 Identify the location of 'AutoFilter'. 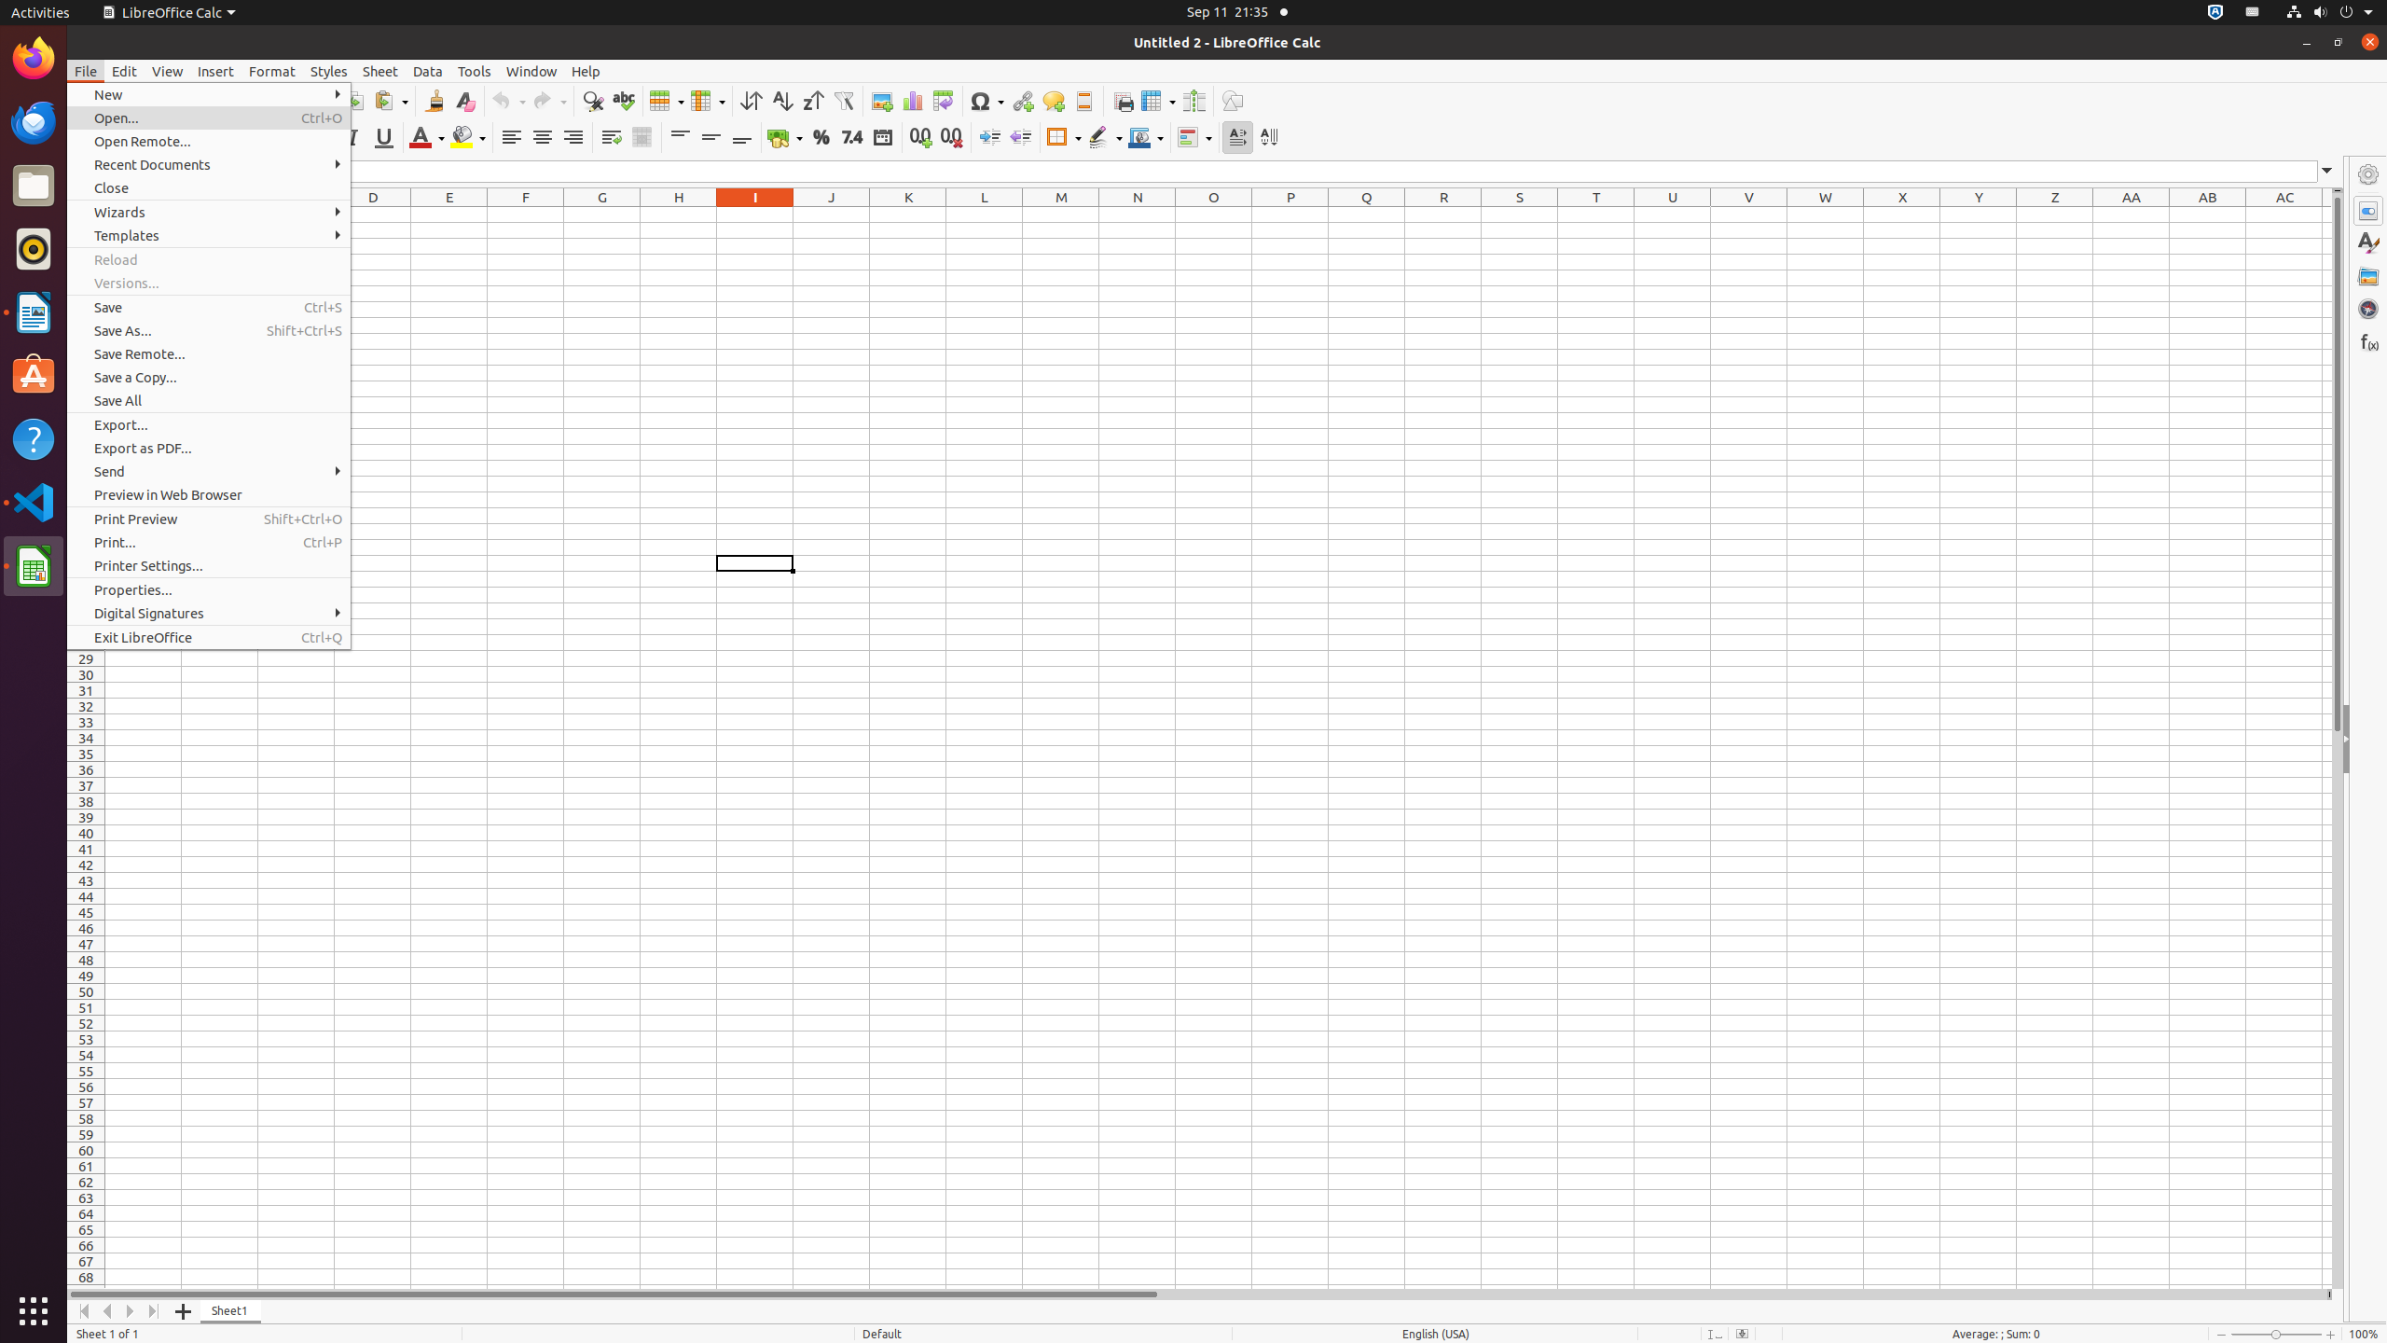
(843, 100).